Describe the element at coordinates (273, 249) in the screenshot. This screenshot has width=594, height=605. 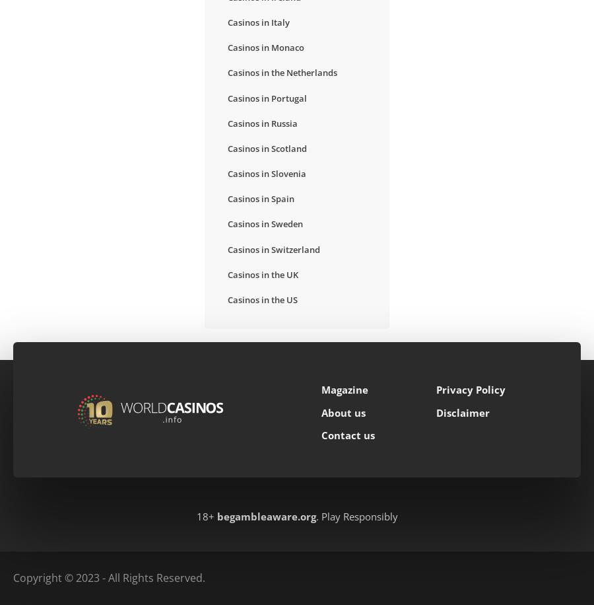
I see `'Casinos in Switzerland'` at that location.